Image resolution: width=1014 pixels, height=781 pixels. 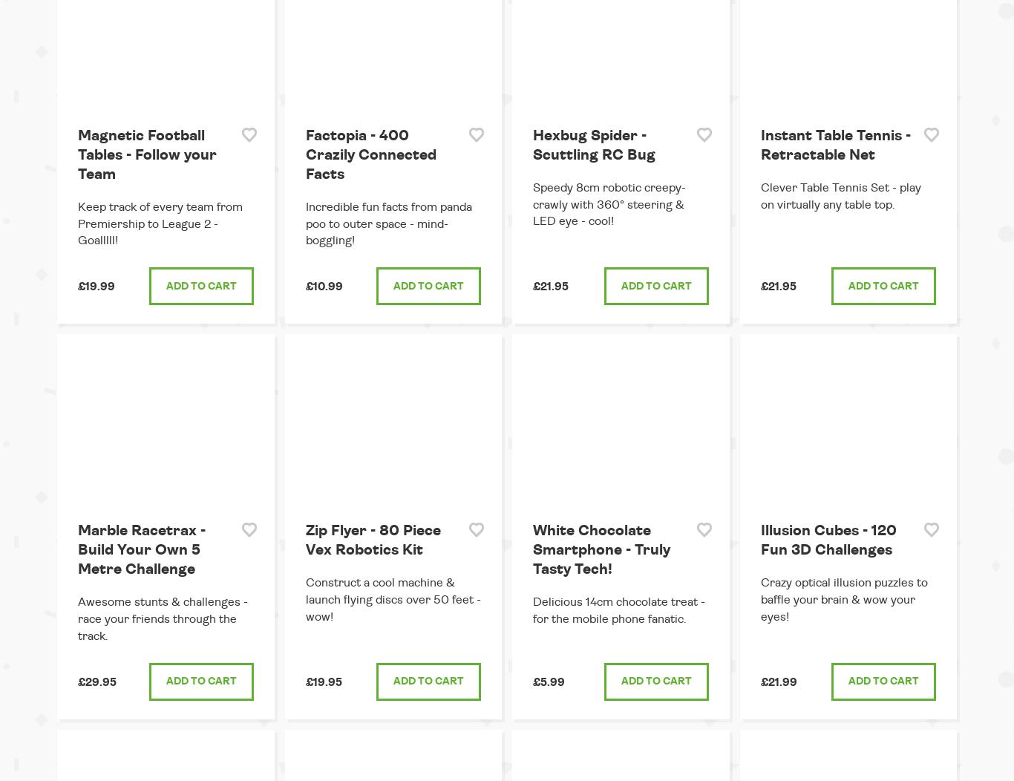 I want to click on 'Speedy 8cm robotic creepy-crawly with 360° steering & LED eye - cool!', so click(x=608, y=203).